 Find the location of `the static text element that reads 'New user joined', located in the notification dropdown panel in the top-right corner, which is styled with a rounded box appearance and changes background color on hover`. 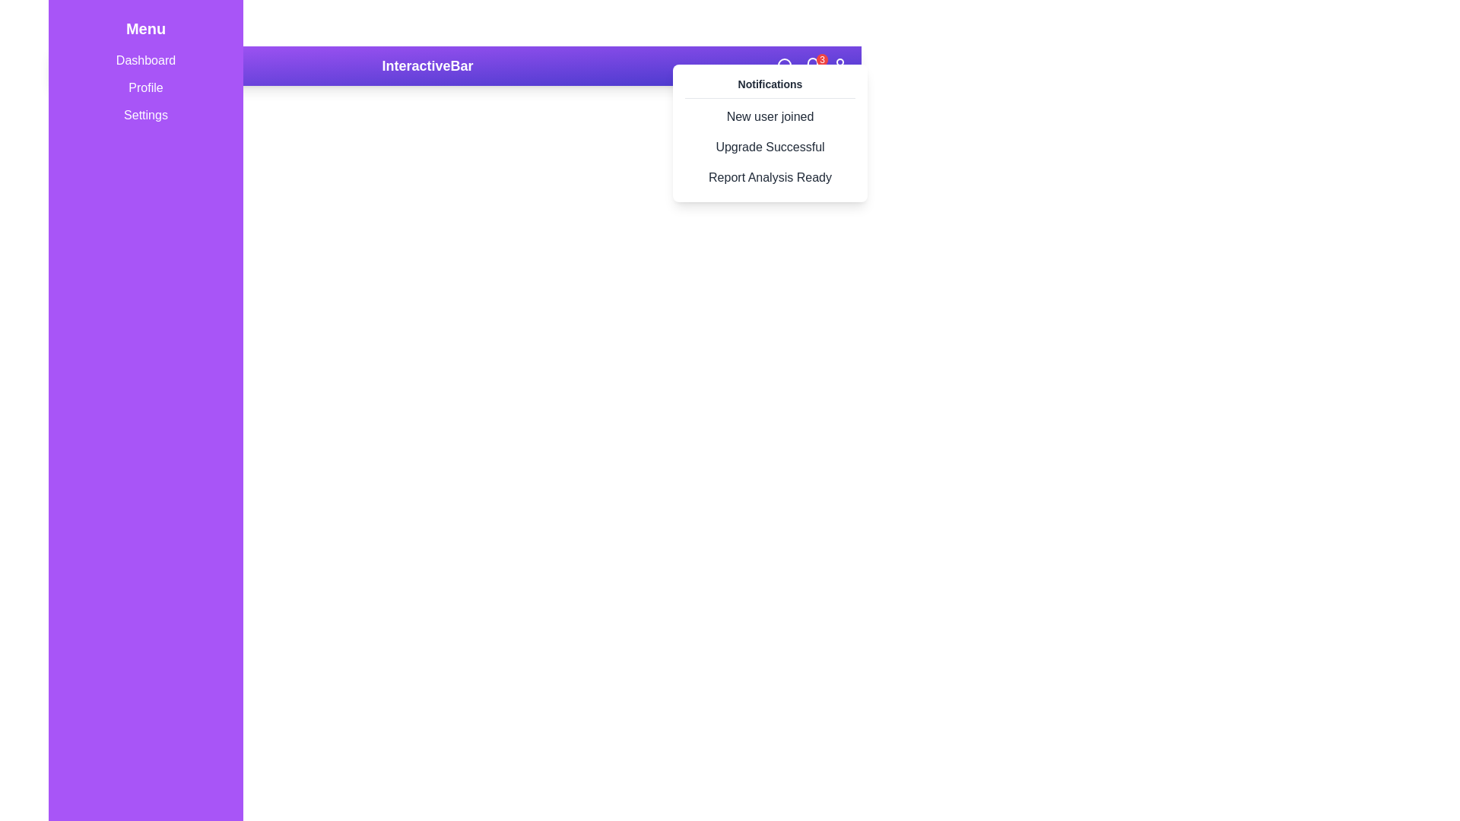

the static text element that reads 'New user joined', located in the notification dropdown panel in the top-right corner, which is styled with a rounded box appearance and changes background color on hover is located at coordinates (770, 116).